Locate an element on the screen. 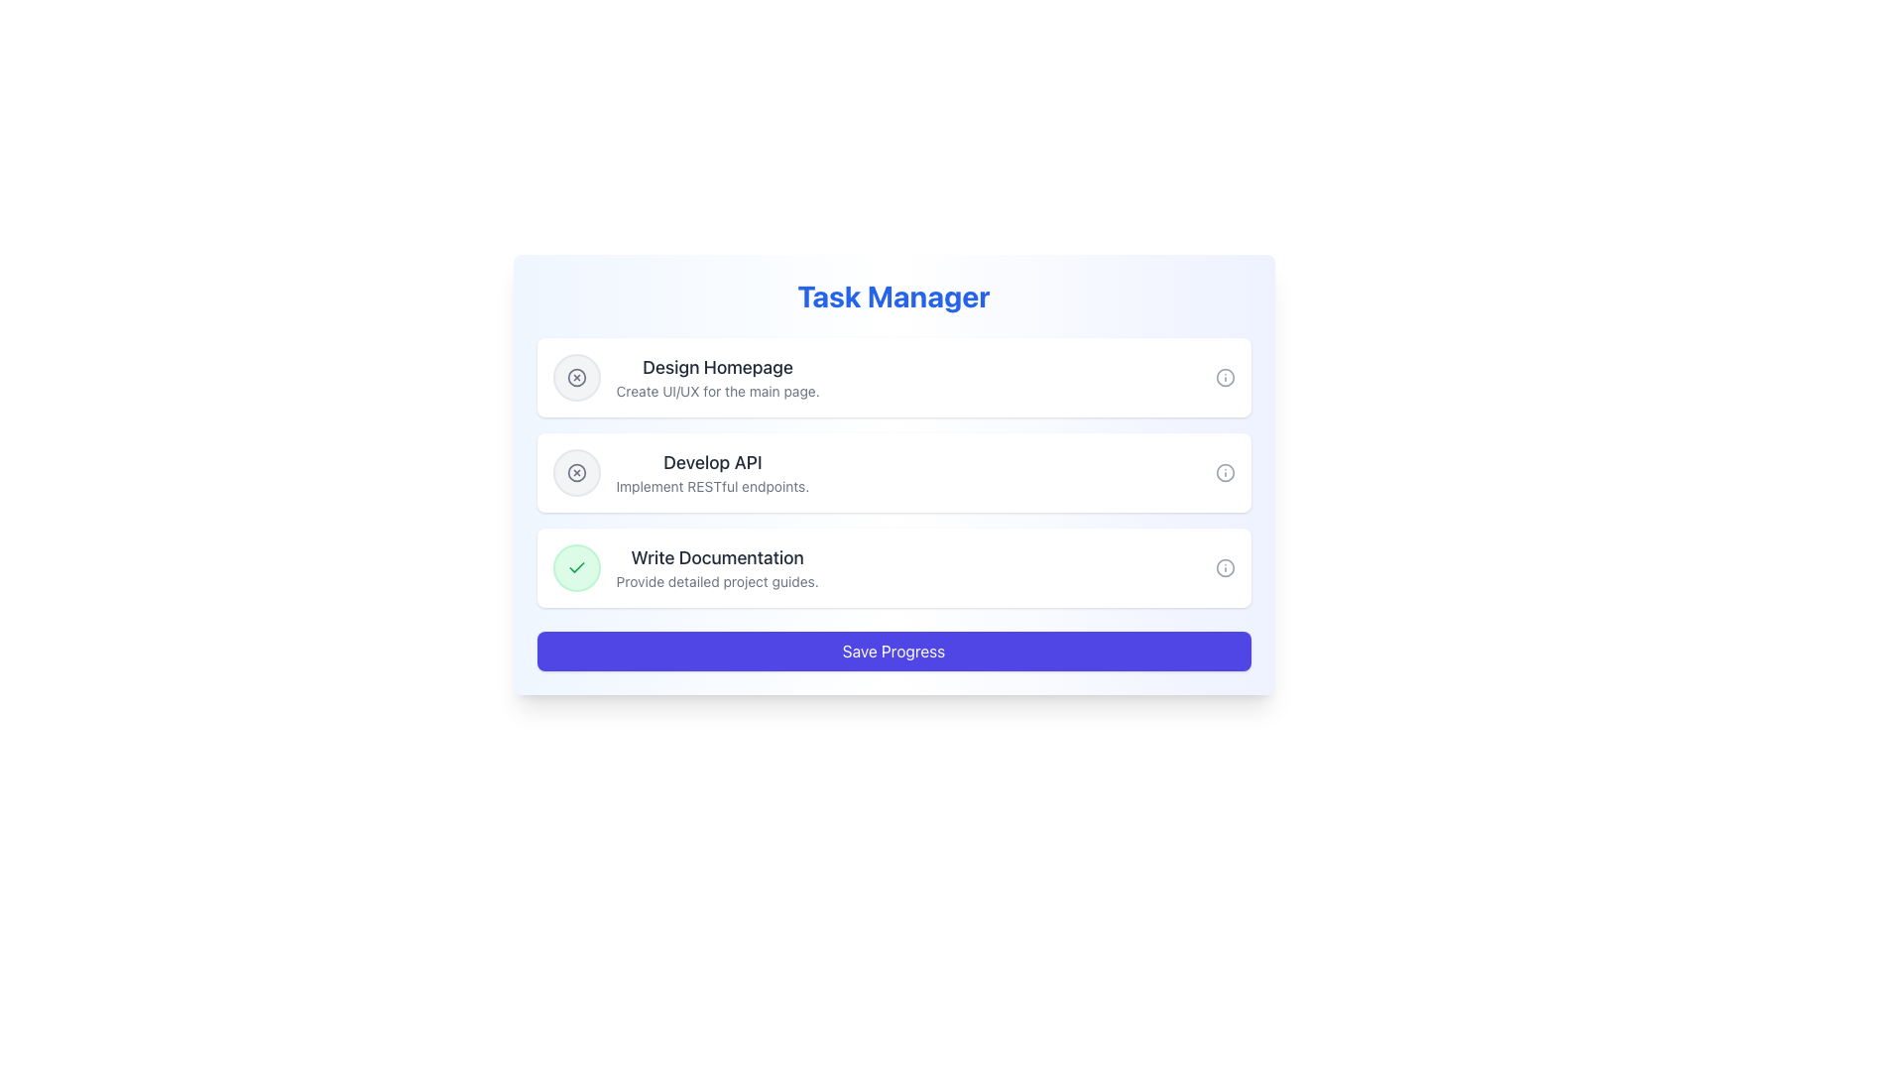 This screenshot has width=1904, height=1071. the 'Task Manager' panel, which features a gradient background from blue to indigo, contains a list of task items, and has rounded borders is located at coordinates (892, 474).